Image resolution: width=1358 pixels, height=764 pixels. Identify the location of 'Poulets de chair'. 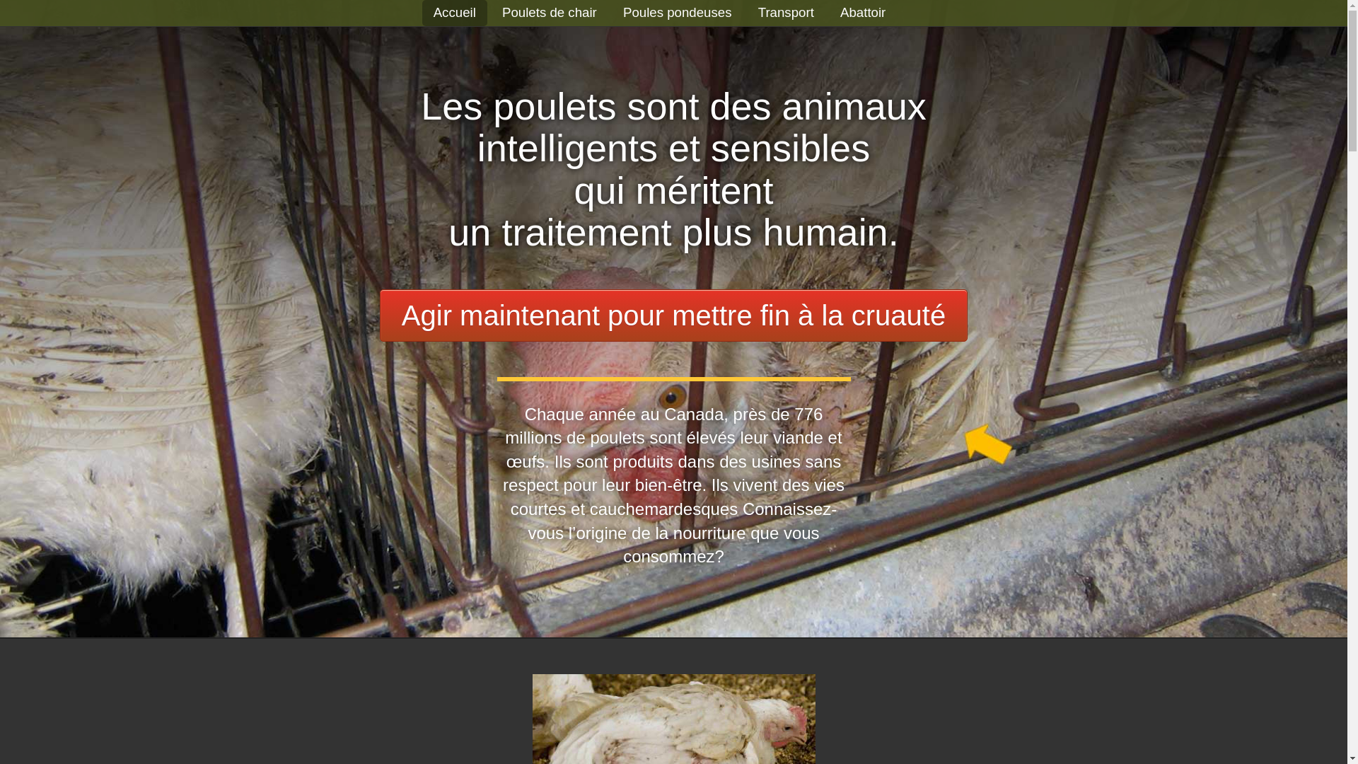
(502, 12).